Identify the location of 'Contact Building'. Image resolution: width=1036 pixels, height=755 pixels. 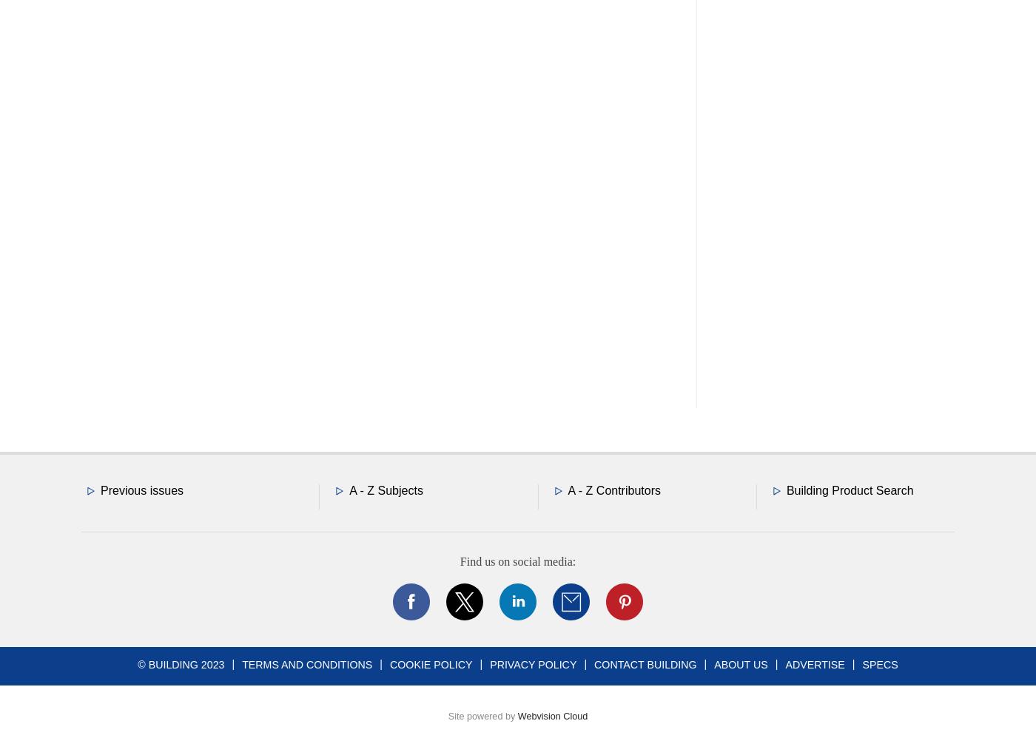
(645, 663).